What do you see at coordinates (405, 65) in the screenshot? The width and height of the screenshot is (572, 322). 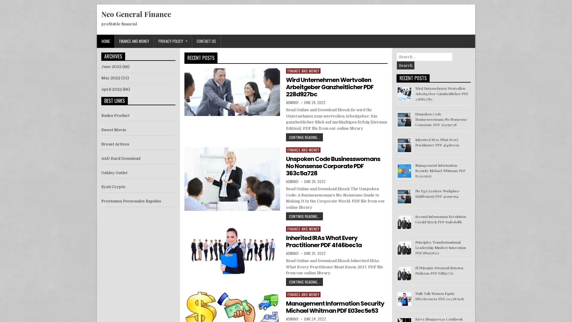 I see `Search` at bounding box center [405, 65].